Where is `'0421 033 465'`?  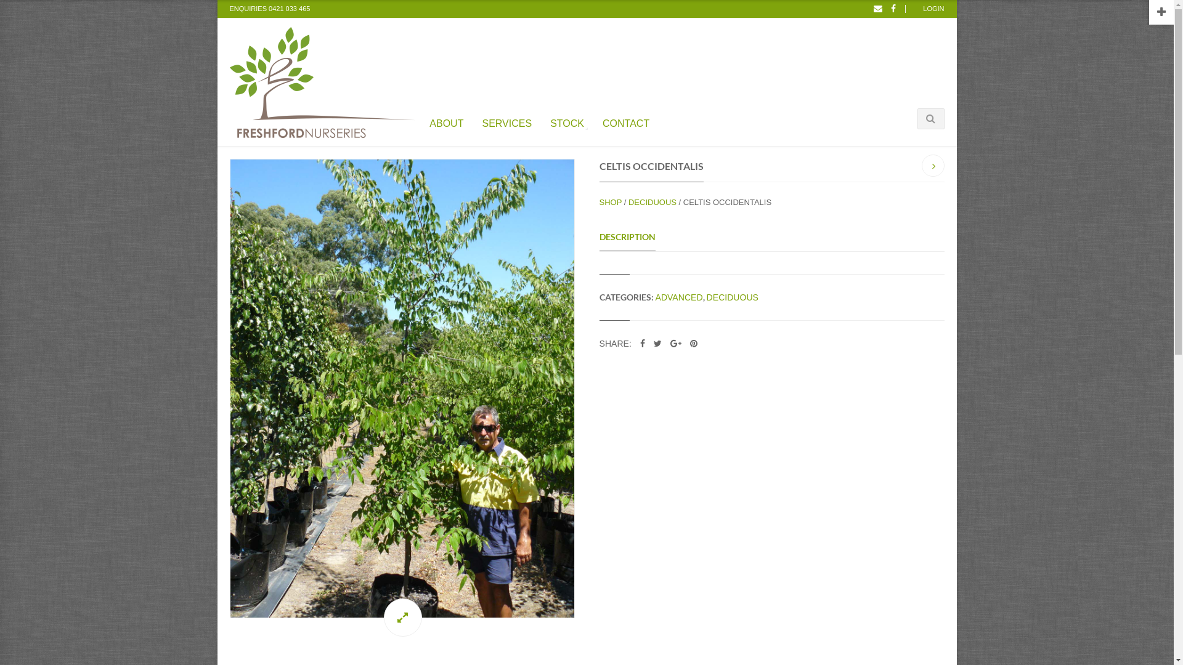 '0421 033 465' is located at coordinates (288, 9).